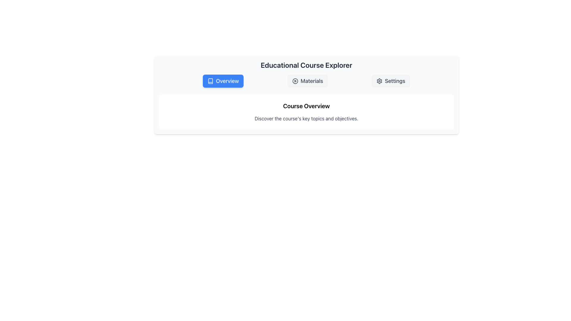 The height and width of the screenshot is (321, 571). I want to click on the selectable button containing the text label 'Materials' which is styled with a gray font color and is positioned beside a play icon, so click(311, 81).